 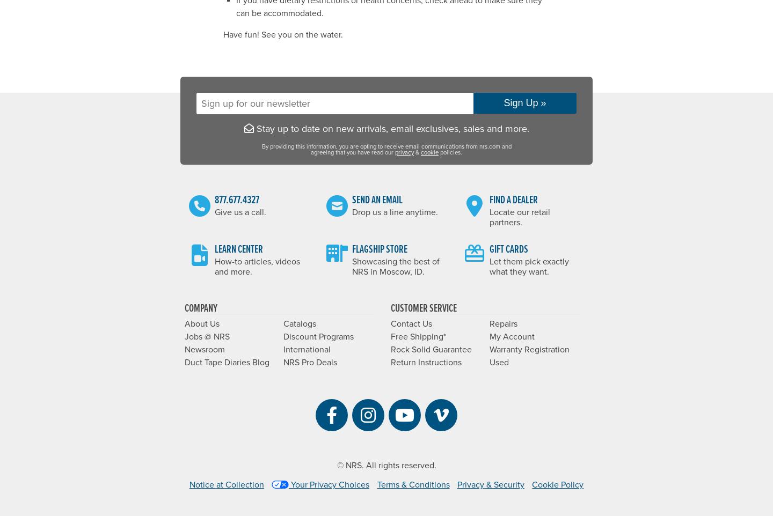 I want to click on '© NRS. All rights reserved.', so click(x=336, y=465).